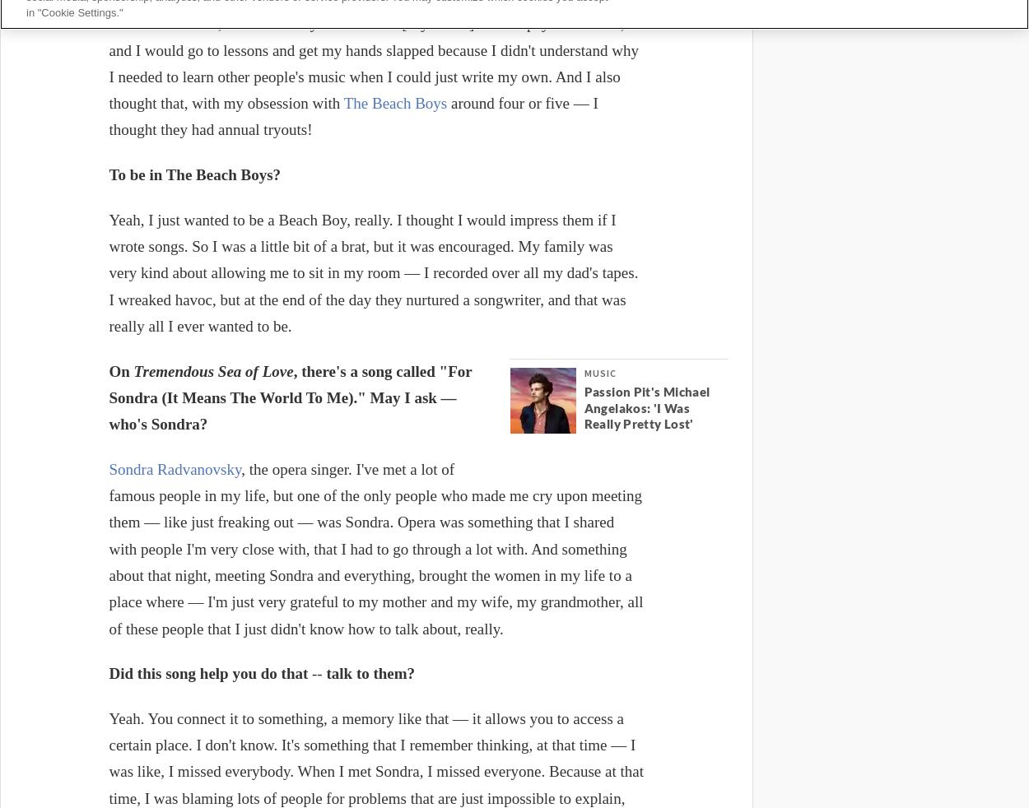  Describe the element at coordinates (375, 547) in the screenshot. I see `', the opera singer. I've met a lot of famous people in my life, but one of the only people who made me cry upon meeting them — like just freaking out — was Sondra. Opera was something that I shared with people I'm very close with, that I had to go through a lot with. And something about that night, meeting Sondra and everything, brought the women in my life to a place where — I'm just very grateful to my mother and my wife, my grandmother, all of these people that I just didn't know how to talk about, really.'` at that location.